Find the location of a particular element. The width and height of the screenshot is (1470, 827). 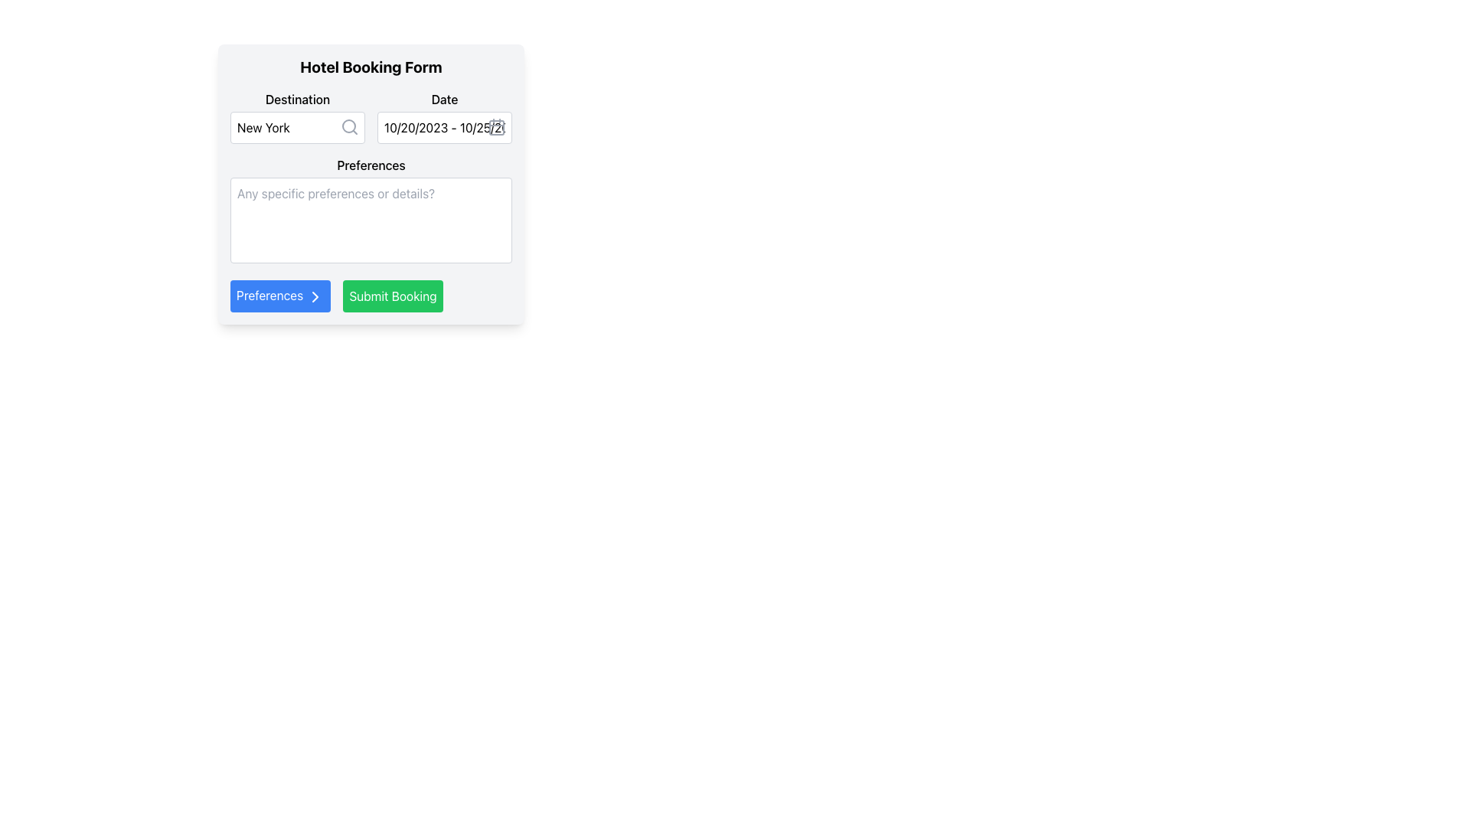

the Text Label that serves as the title of the 'Hotel Booking Form', located at the upper section of the form interface is located at coordinates (371, 67).